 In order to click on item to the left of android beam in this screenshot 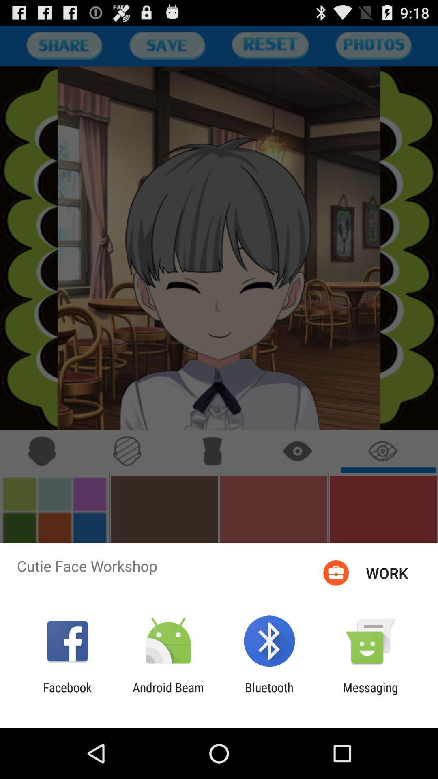, I will do `click(67, 694)`.